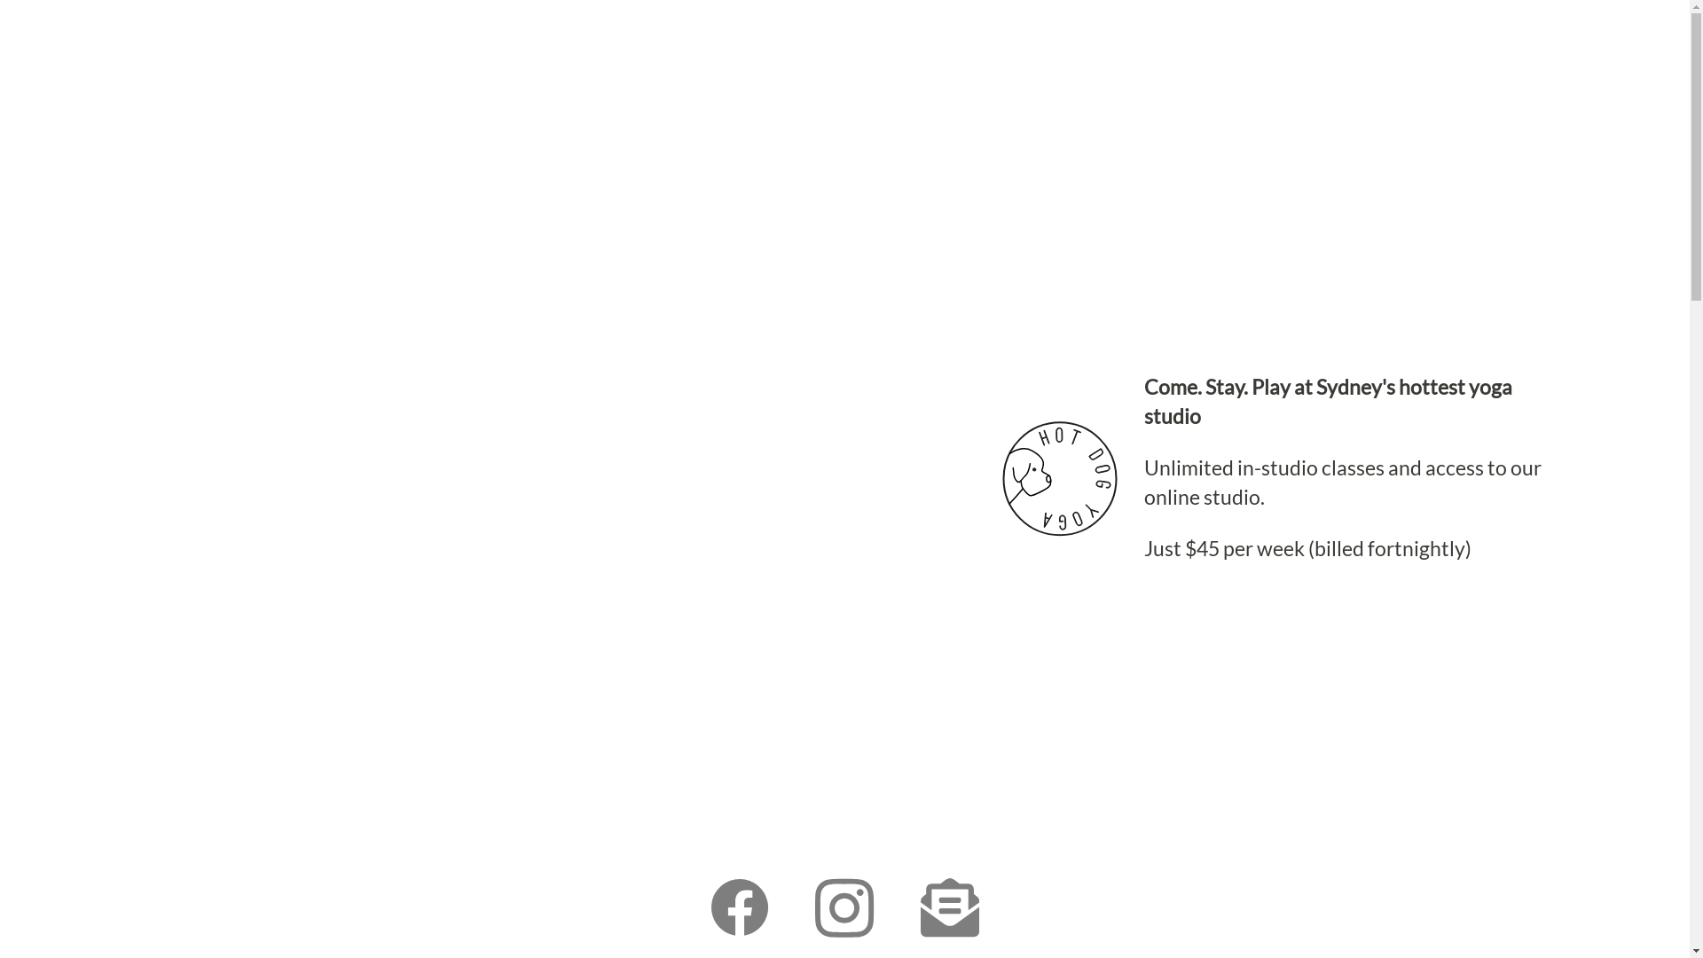  Describe the element at coordinates (843, 904) in the screenshot. I see `'Follow us on Instagram'` at that location.